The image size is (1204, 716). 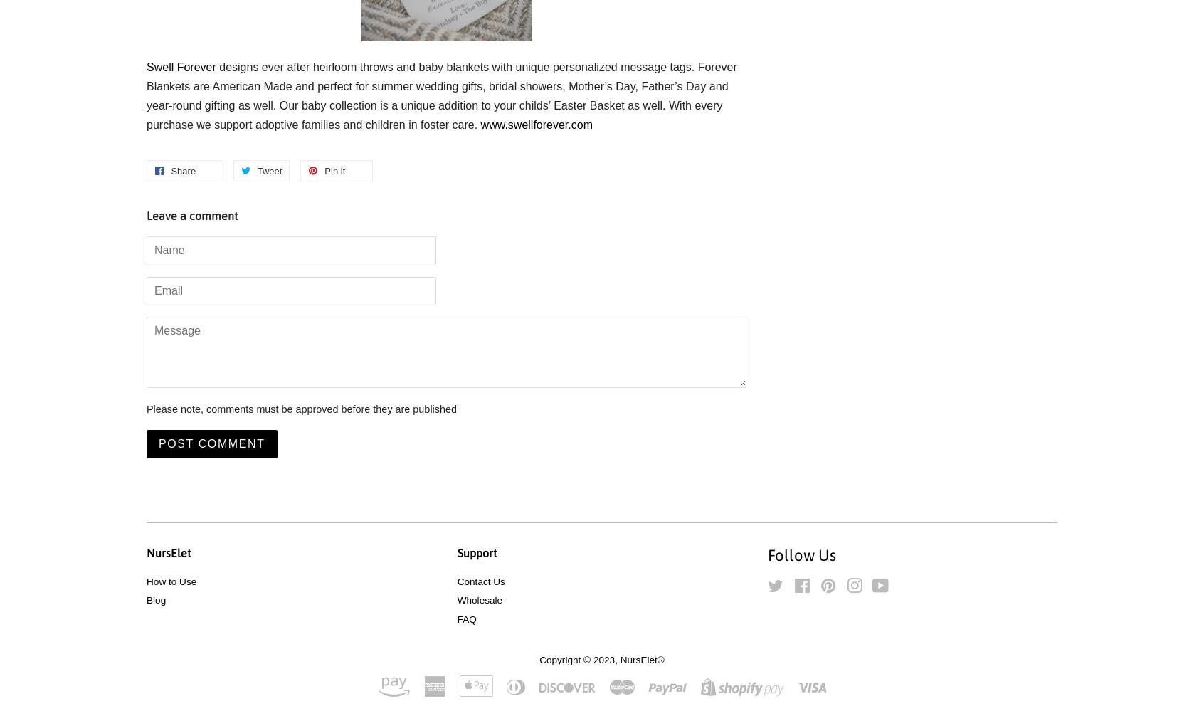 What do you see at coordinates (156, 599) in the screenshot?
I see `'Blog'` at bounding box center [156, 599].